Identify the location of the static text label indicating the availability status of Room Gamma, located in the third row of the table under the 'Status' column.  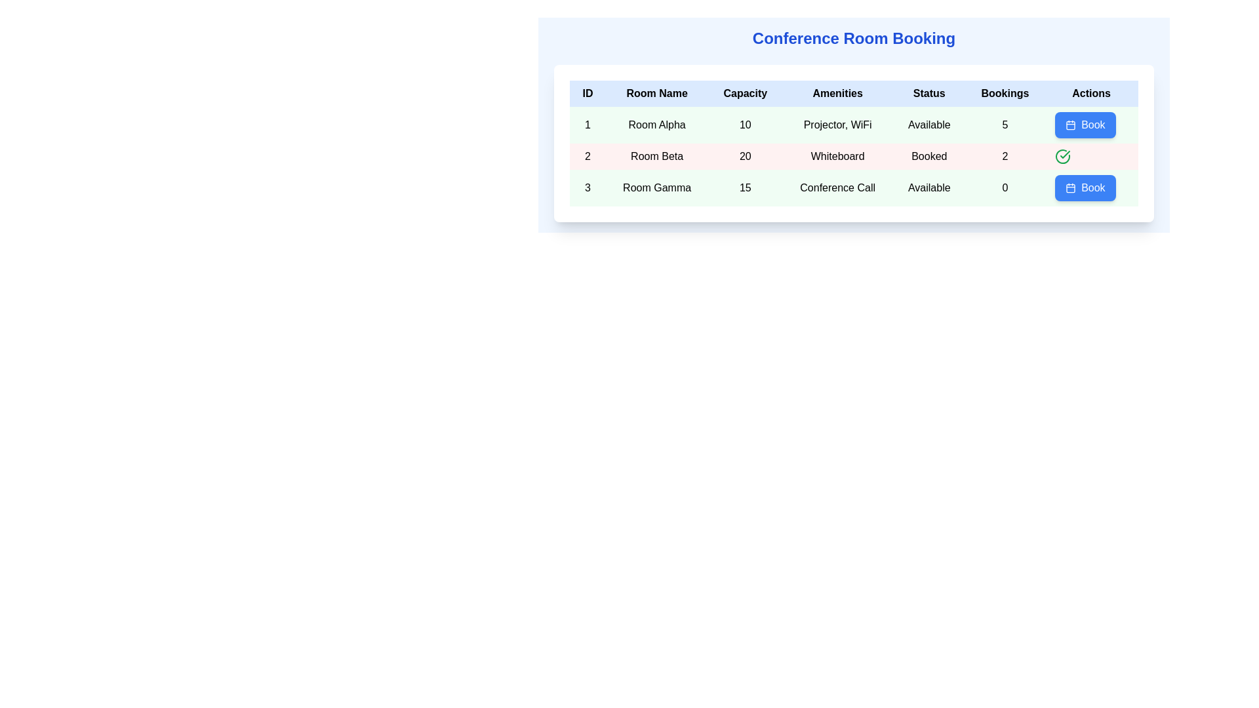
(929, 187).